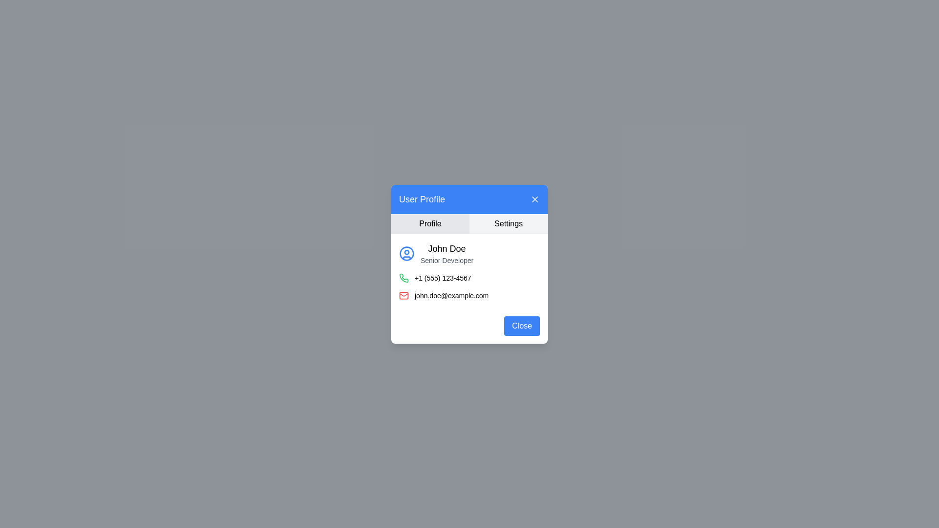 The image size is (939, 528). Describe the element at coordinates (406, 252) in the screenshot. I see `the largest circular graphic that forms the outer boundary of the user icon in the top-left corner of the user profile card` at that location.